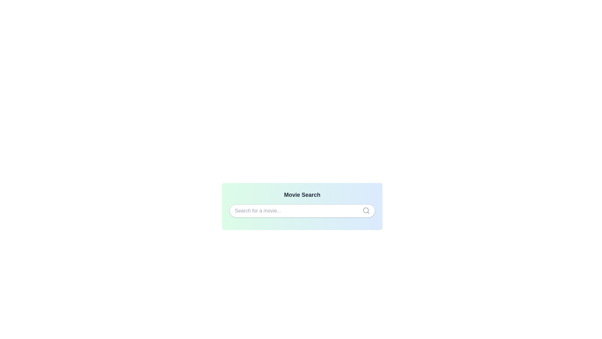  What do you see at coordinates (366, 211) in the screenshot?
I see `the magnifying glass icon, which is styled with a thin outline and located inside a rounded search input field on the right side, next to the text input area` at bounding box center [366, 211].